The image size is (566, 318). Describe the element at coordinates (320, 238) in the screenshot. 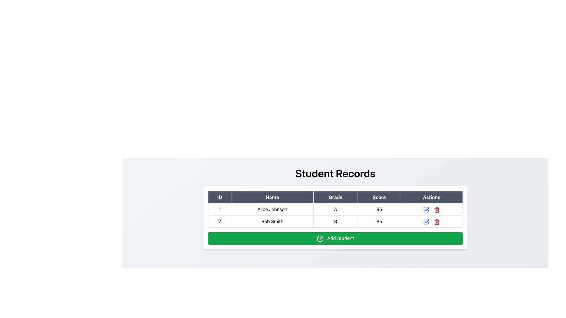

I see `the circular icon with a plus sign inside that is located on the leftmost part of the 'Add Student' button, which has a green background and is vertically aligned with the text 'Add Student'` at that location.